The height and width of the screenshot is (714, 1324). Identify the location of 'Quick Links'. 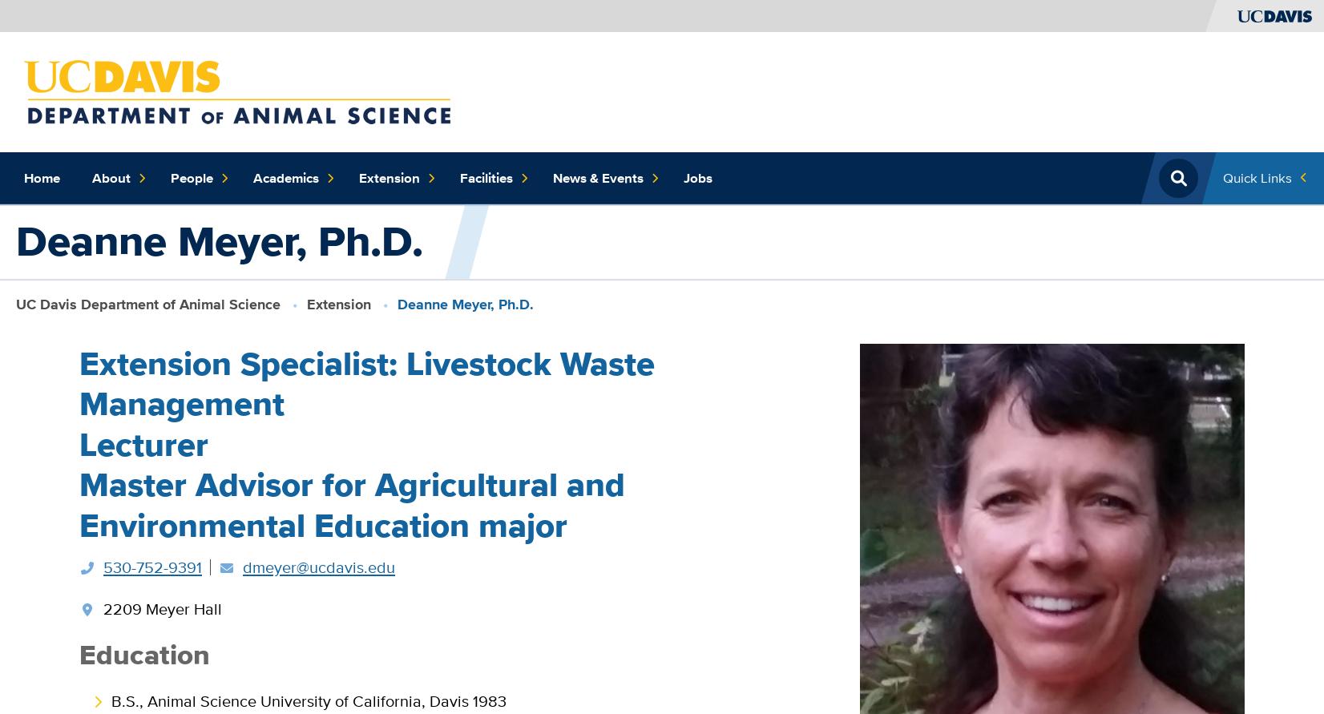
(1257, 178).